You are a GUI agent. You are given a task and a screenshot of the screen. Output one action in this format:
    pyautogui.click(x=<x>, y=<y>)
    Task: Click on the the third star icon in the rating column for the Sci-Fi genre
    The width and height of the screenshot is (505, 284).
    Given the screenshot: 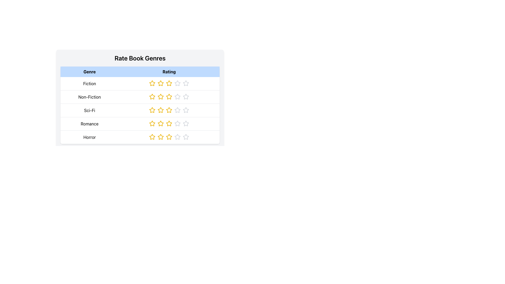 What is the action you would take?
    pyautogui.click(x=169, y=110)
    